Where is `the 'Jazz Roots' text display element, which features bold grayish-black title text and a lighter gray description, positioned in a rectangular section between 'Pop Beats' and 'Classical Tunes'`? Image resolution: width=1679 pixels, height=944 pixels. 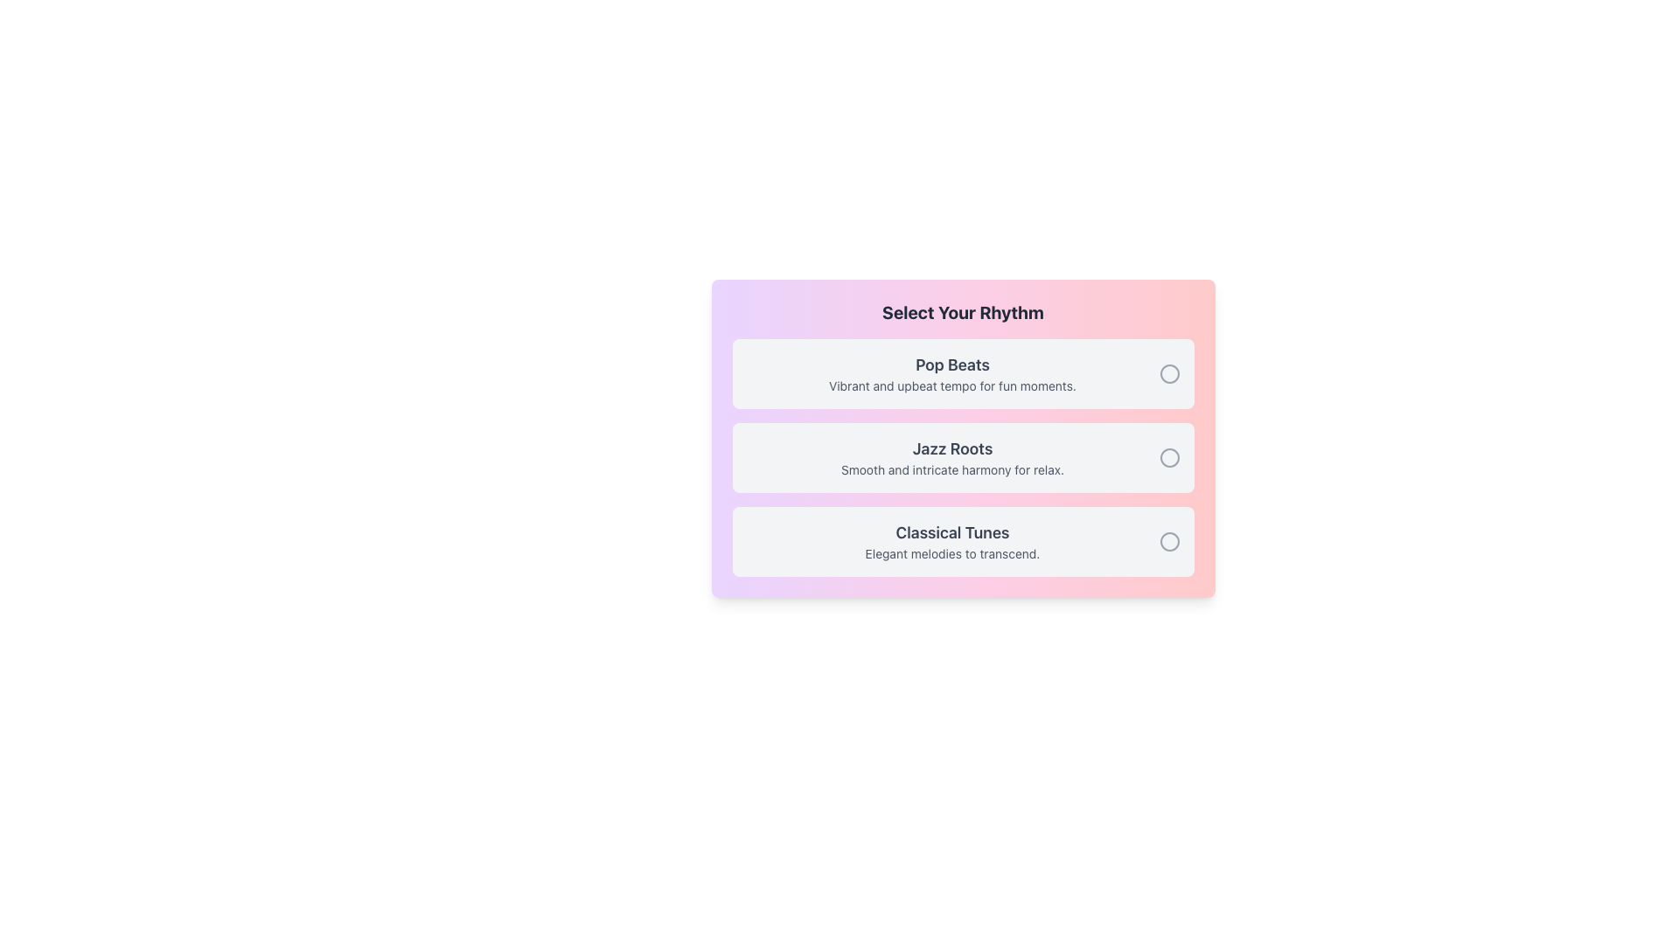
the 'Jazz Roots' text display element, which features bold grayish-black title text and a lighter gray description, positioned in a rectangular section between 'Pop Beats' and 'Classical Tunes' is located at coordinates (951, 457).